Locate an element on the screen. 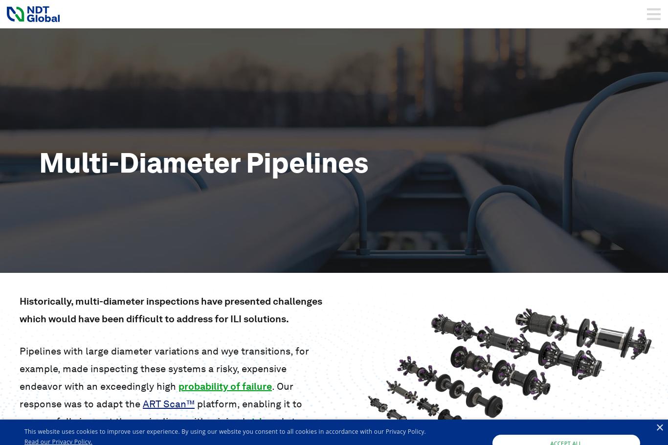  '. Our response was to adapt the' is located at coordinates (156, 394).